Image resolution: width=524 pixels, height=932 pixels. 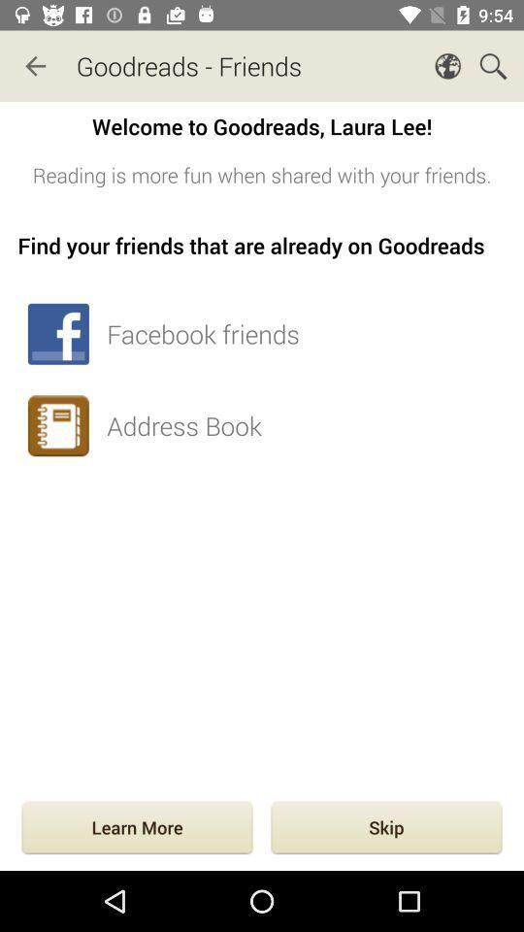 What do you see at coordinates (35, 66) in the screenshot?
I see `icon next to goodreads - friends` at bounding box center [35, 66].